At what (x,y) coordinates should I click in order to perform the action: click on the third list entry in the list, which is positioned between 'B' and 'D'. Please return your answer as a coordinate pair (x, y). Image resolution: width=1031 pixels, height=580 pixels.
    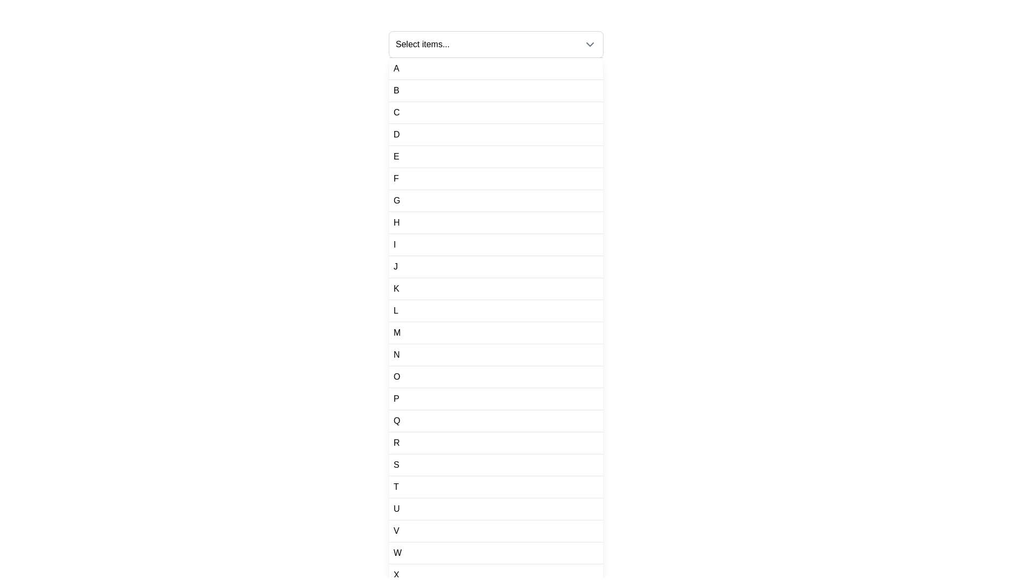
    Looking at the image, I should click on (396, 112).